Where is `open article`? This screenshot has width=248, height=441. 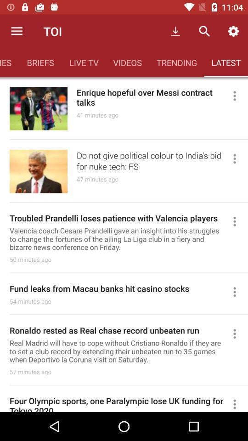
open article is located at coordinates (238, 96).